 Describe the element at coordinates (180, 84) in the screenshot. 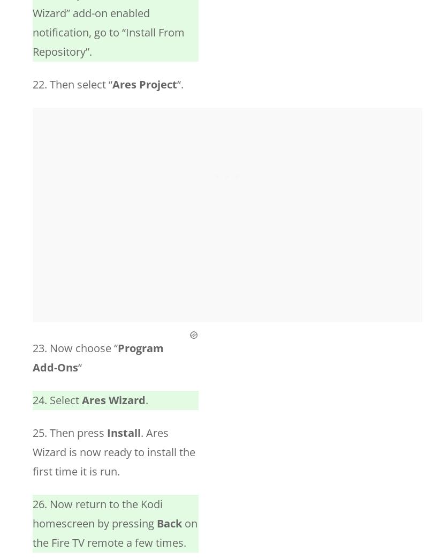

I see `'“.'` at that location.